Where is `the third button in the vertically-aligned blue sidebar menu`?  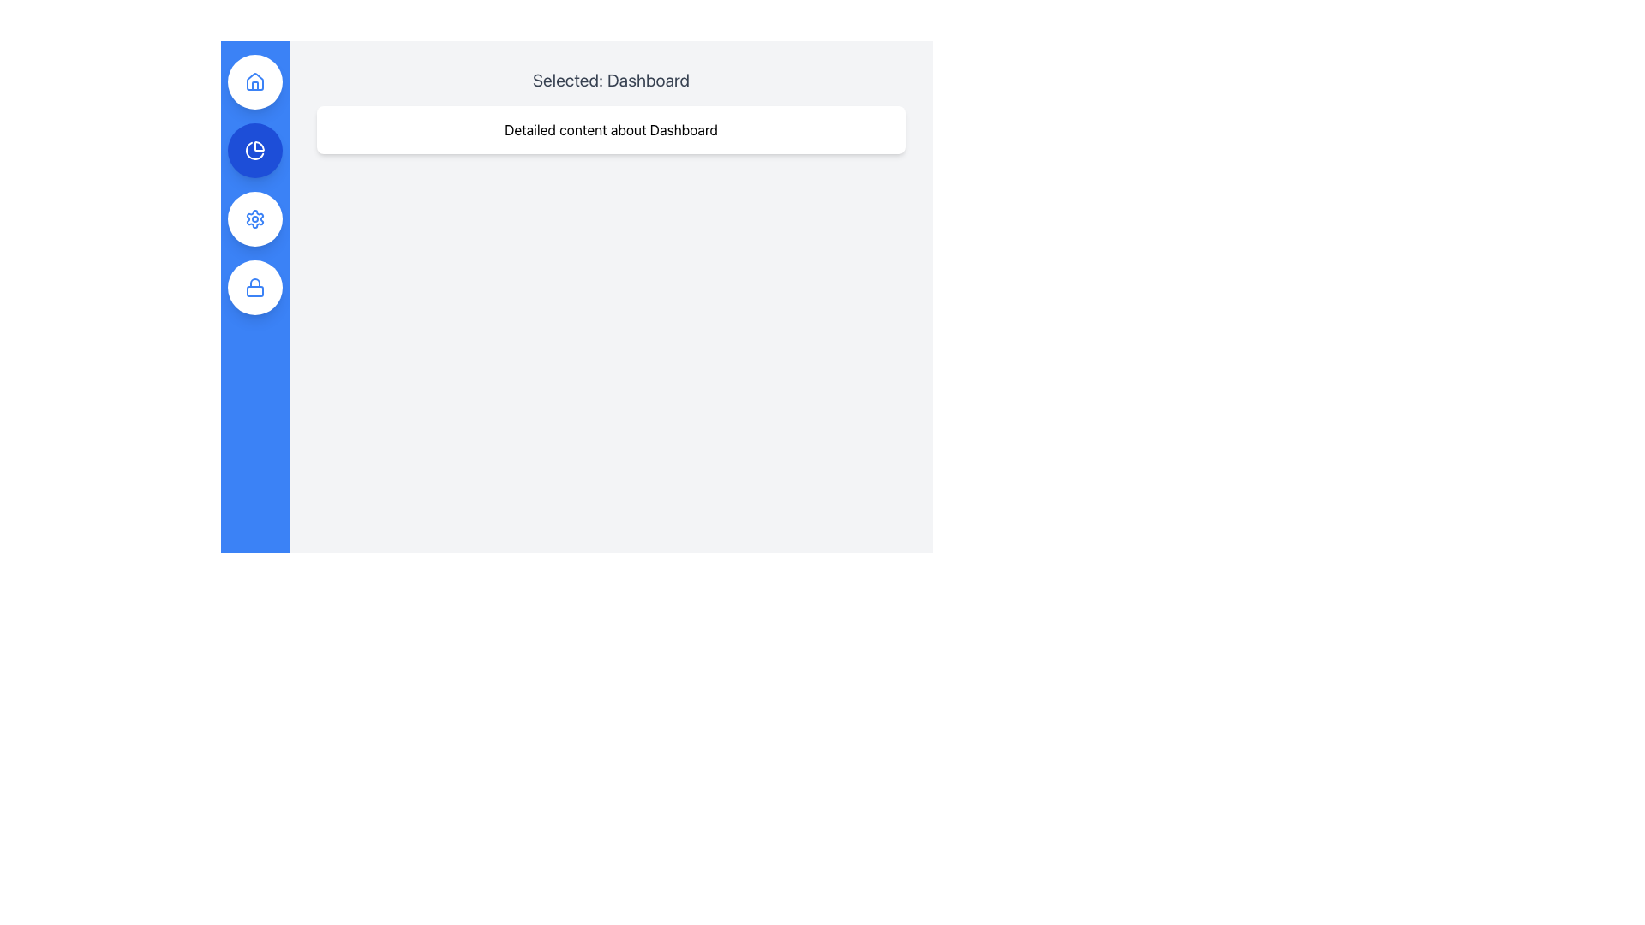 the third button in the vertically-aligned blue sidebar menu is located at coordinates (254, 218).